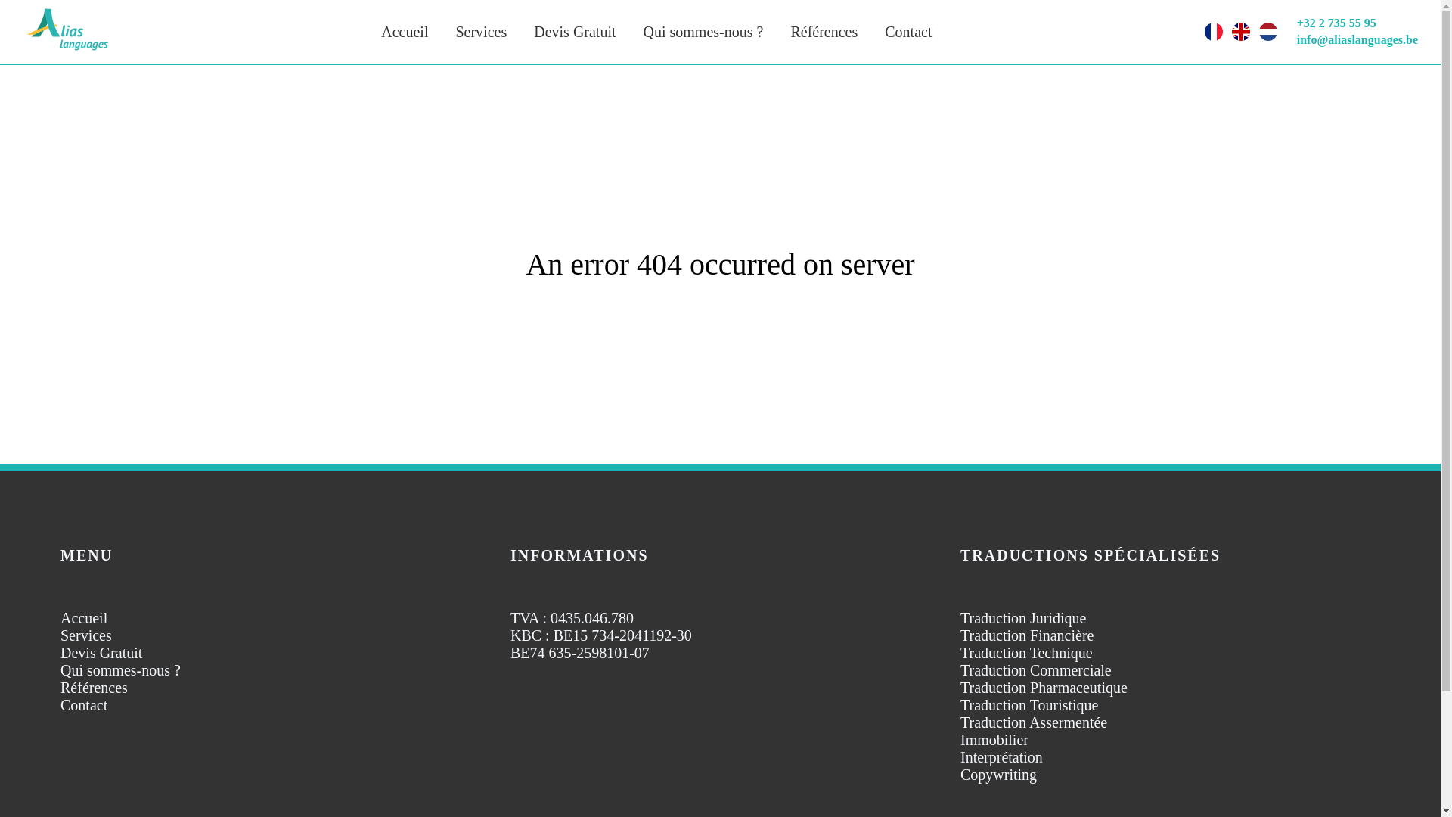  Describe the element at coordinates (1357, 39) in the screenshot. I see `'info@aliaslanguages.be'` at that location.